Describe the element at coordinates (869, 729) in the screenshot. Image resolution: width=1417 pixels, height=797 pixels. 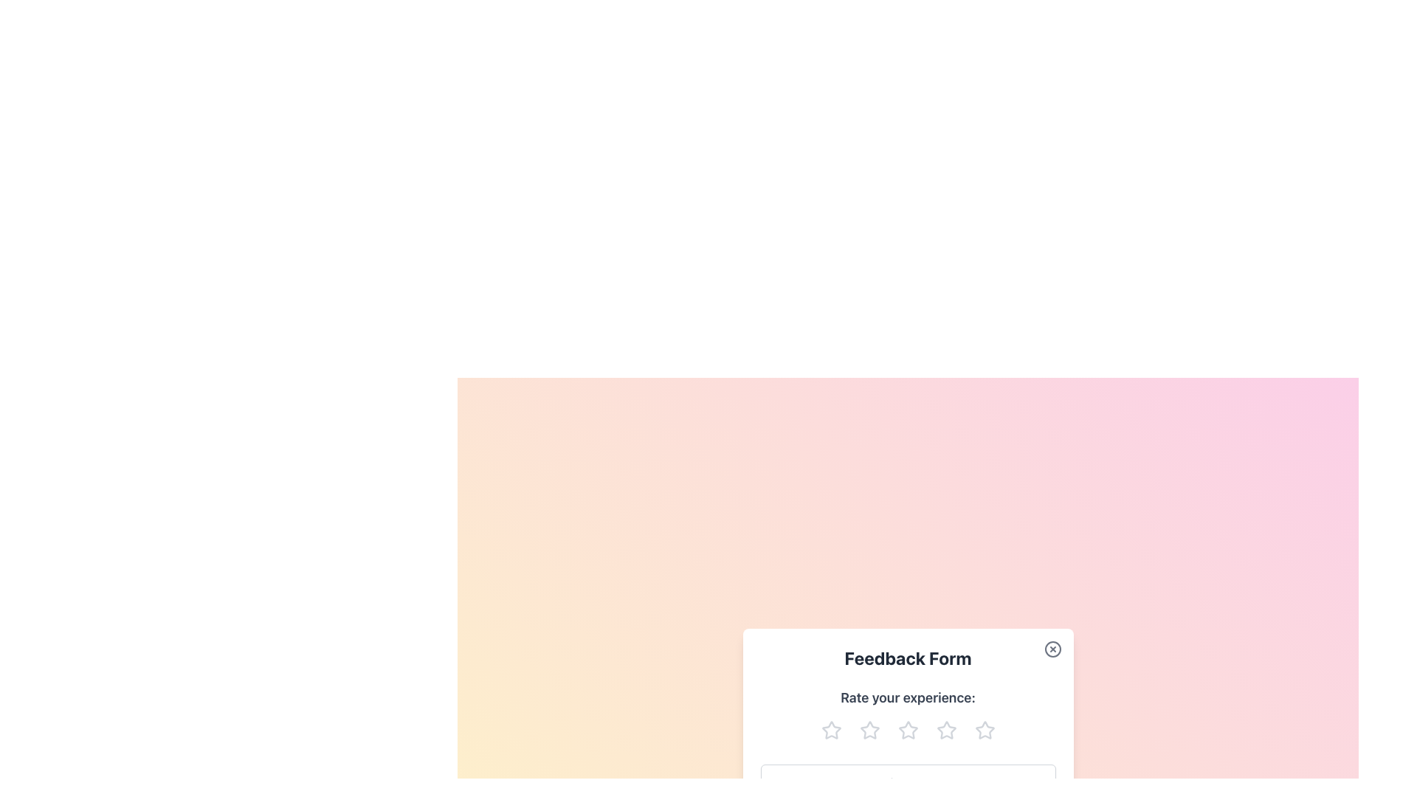
I see `the second star icon in the horizontal row of five star icons, which is located beneath the text 'Rate your experience:' in the feedback form` at that location.